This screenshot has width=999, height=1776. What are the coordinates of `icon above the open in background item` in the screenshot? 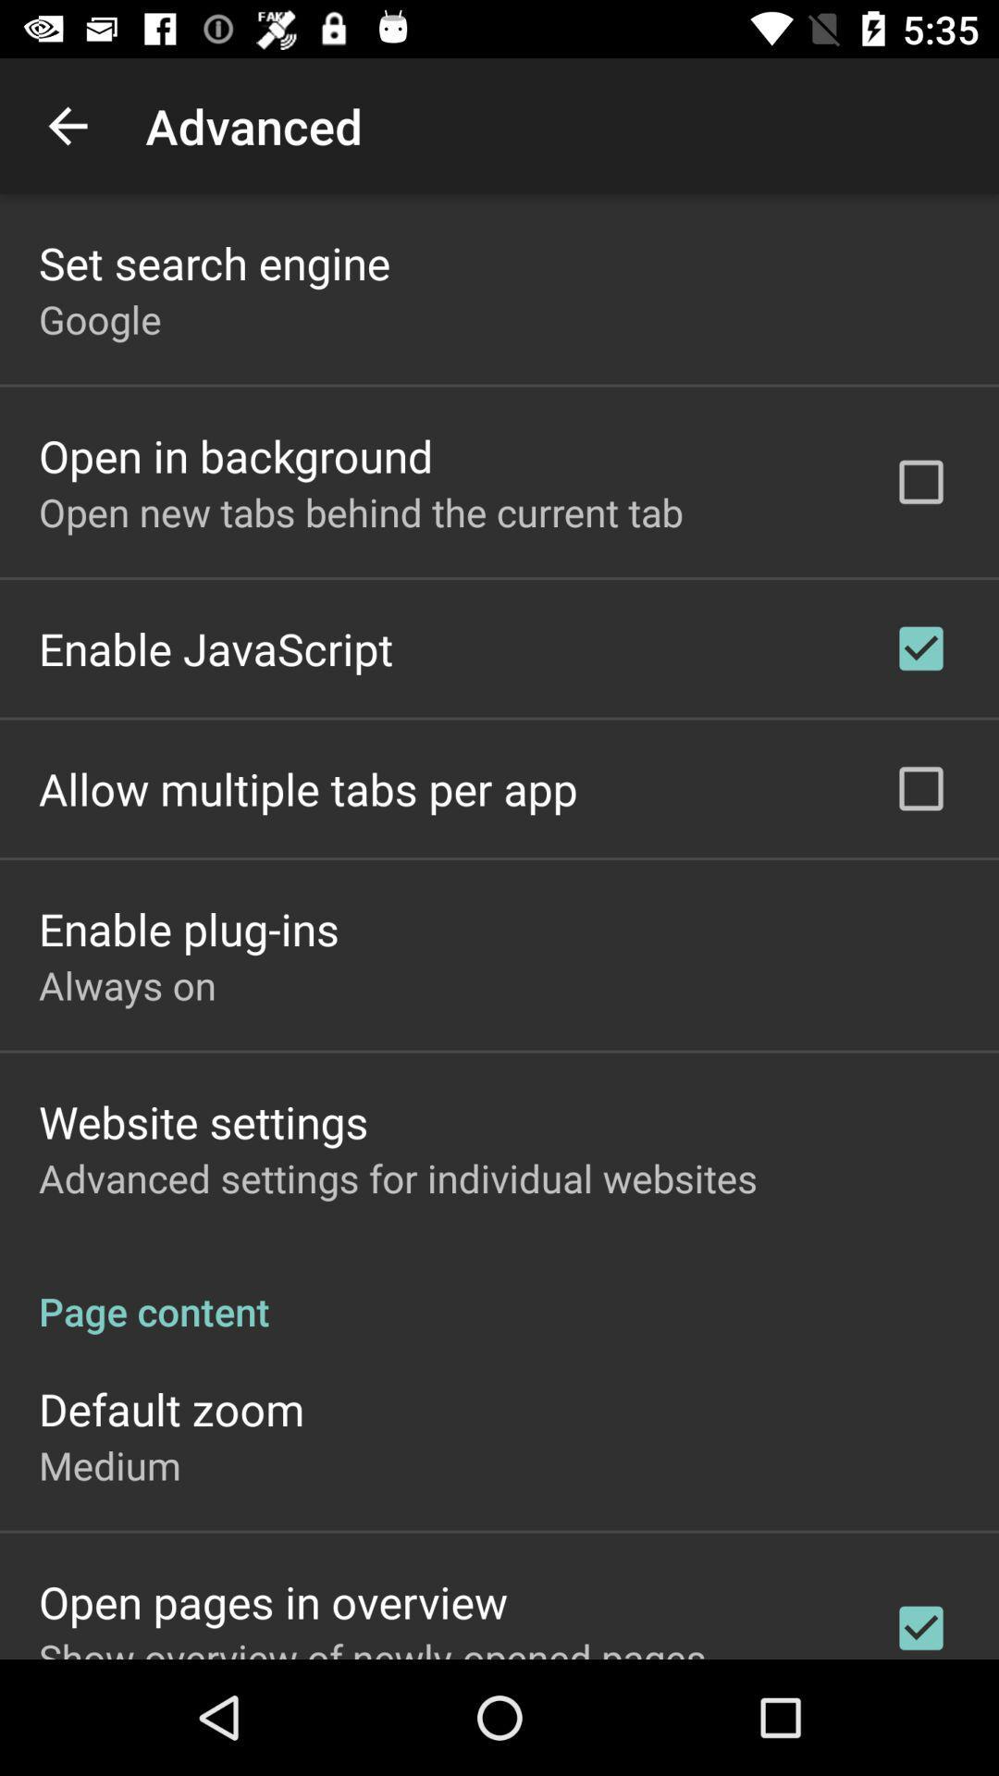 It's located at (100, 319).